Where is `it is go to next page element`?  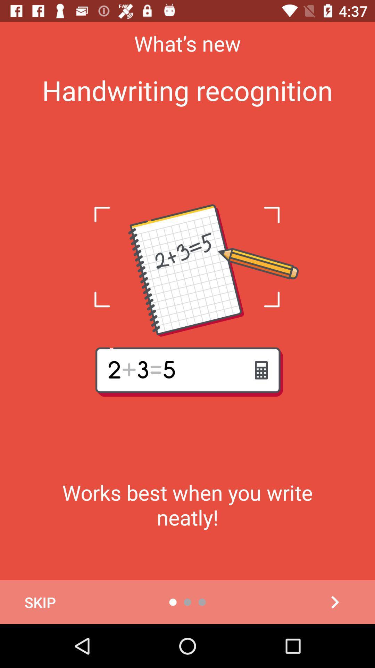 it is go to next page element is located at coordinates (334, 602).